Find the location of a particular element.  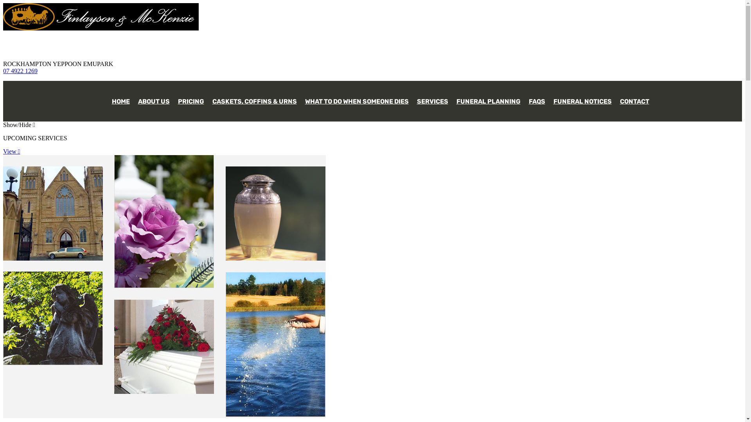

'07 4922 1269' is located at coordinates (20, 71).